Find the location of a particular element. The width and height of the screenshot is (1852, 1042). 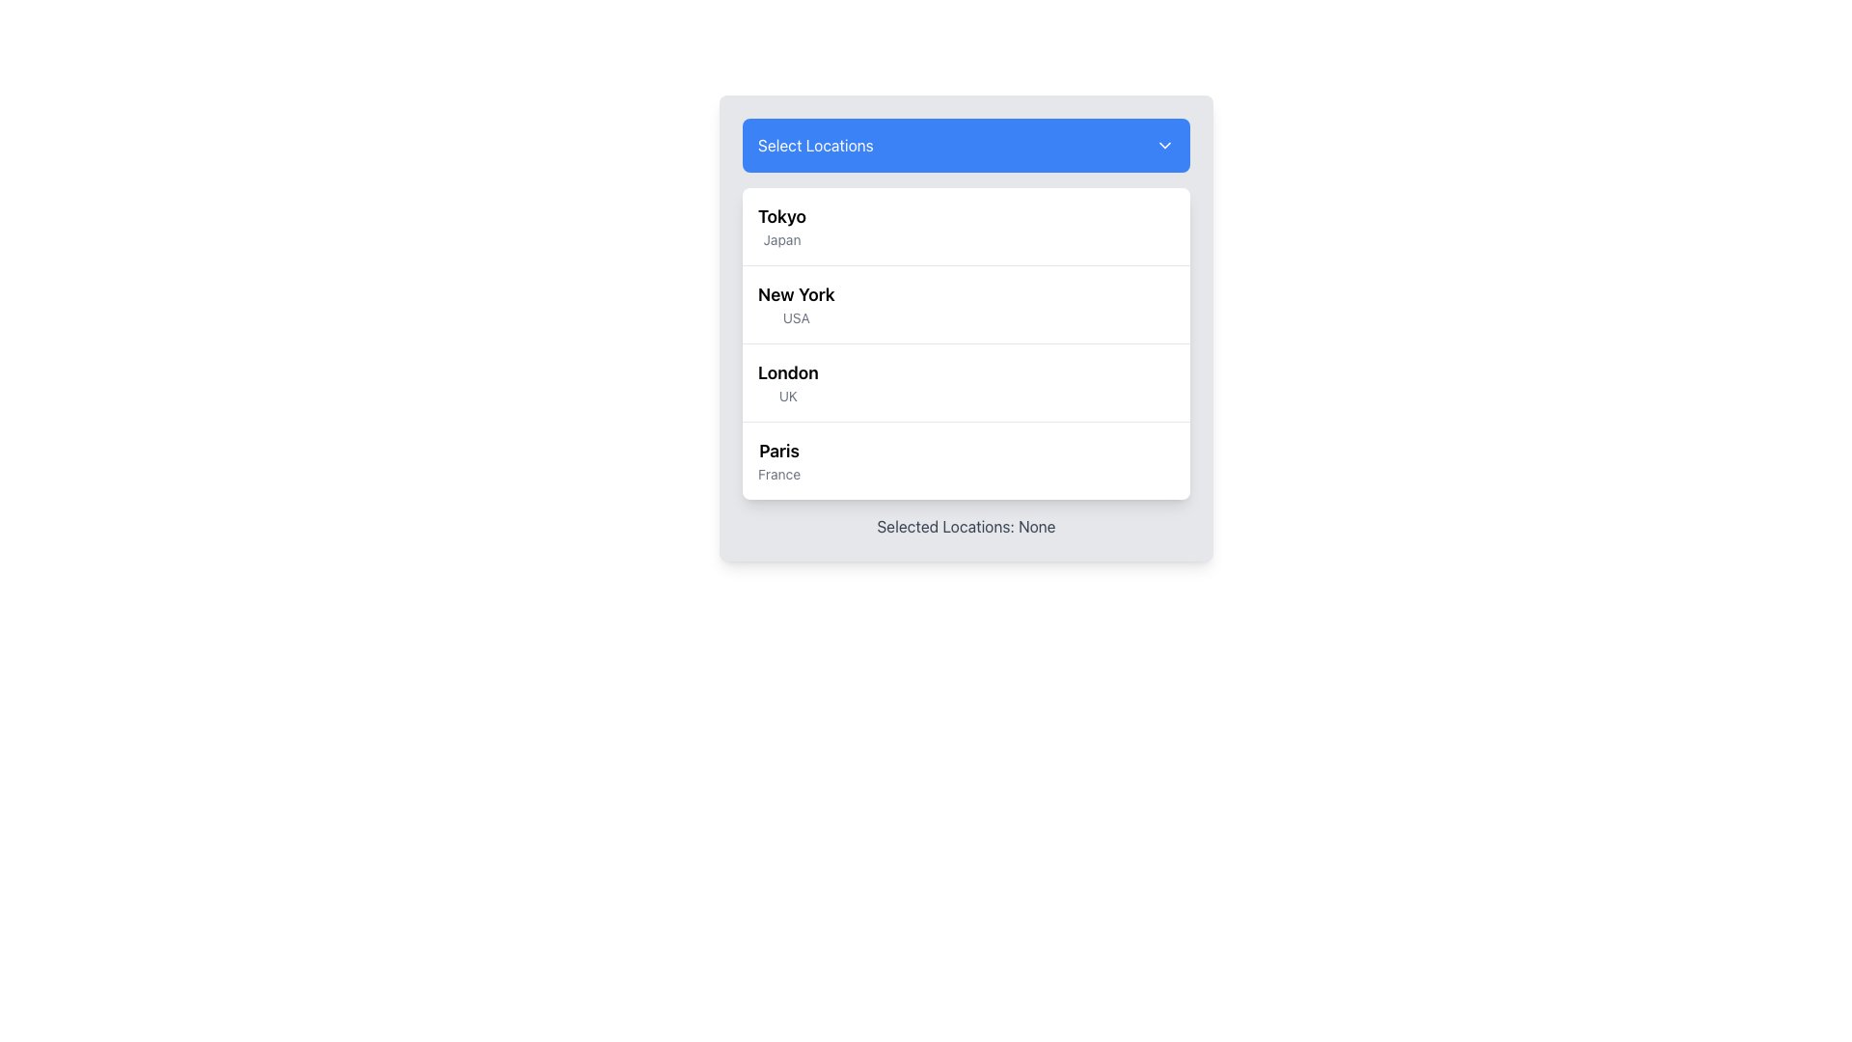

the selectable list item representing 'New York, USA' is located at coordinates (967, 304).